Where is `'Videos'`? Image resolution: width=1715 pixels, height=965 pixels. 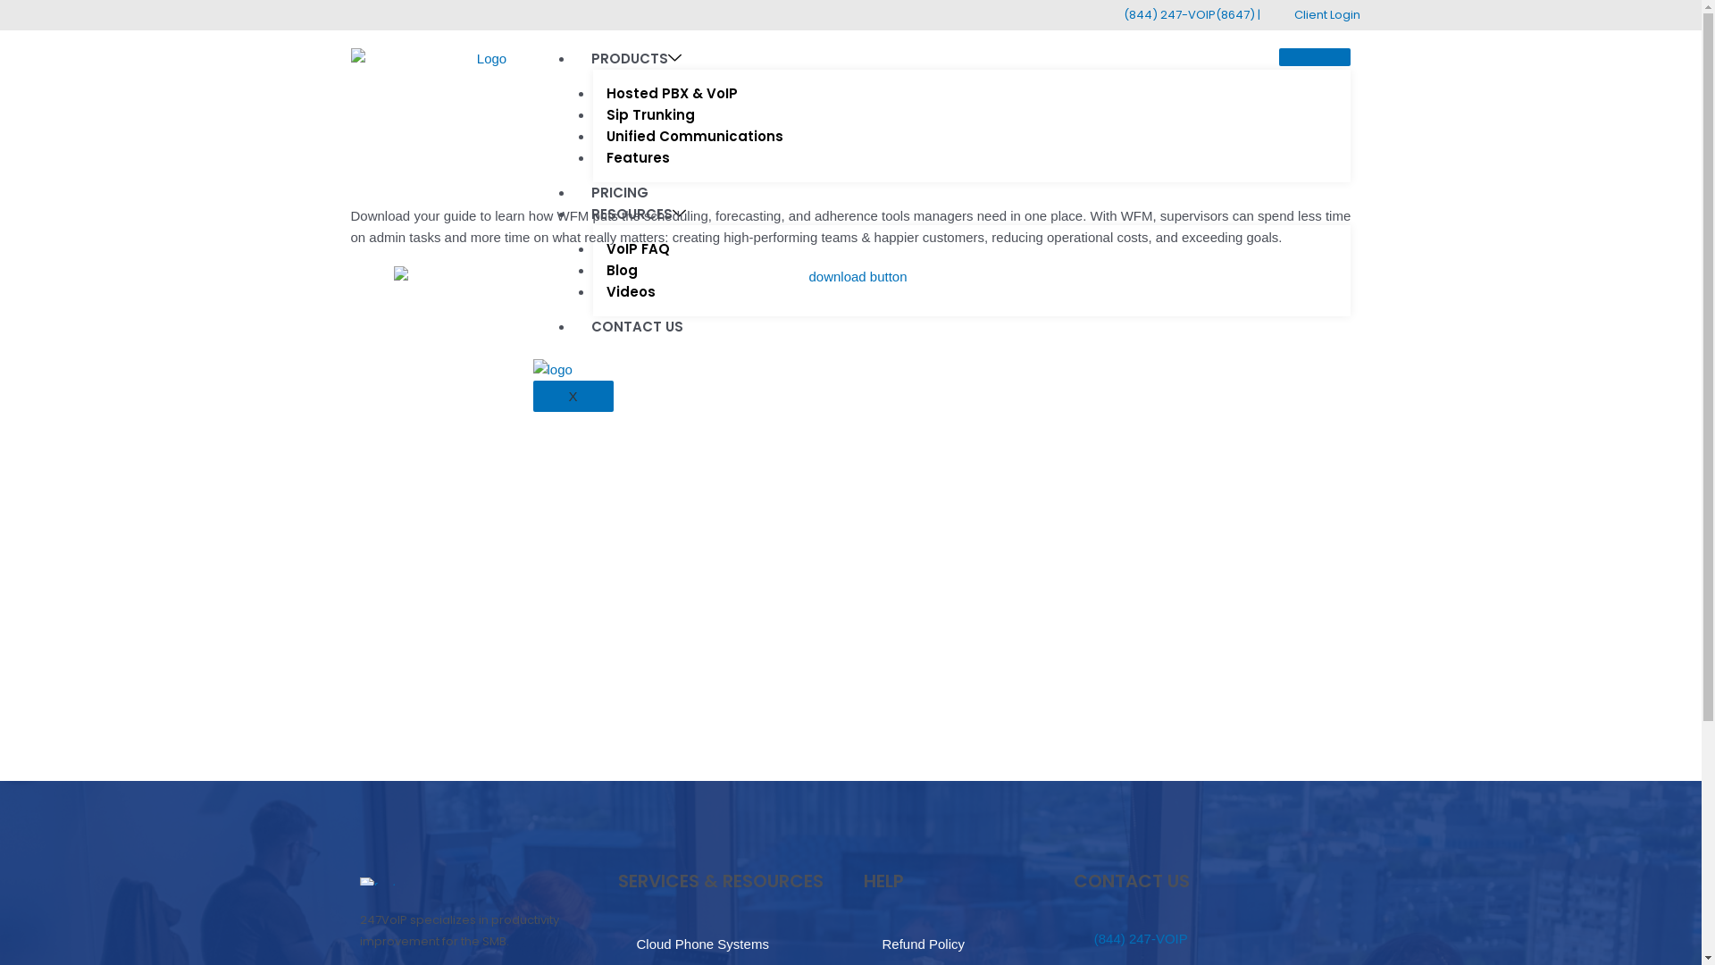
'Videos' is located at coordinates (631, 290).